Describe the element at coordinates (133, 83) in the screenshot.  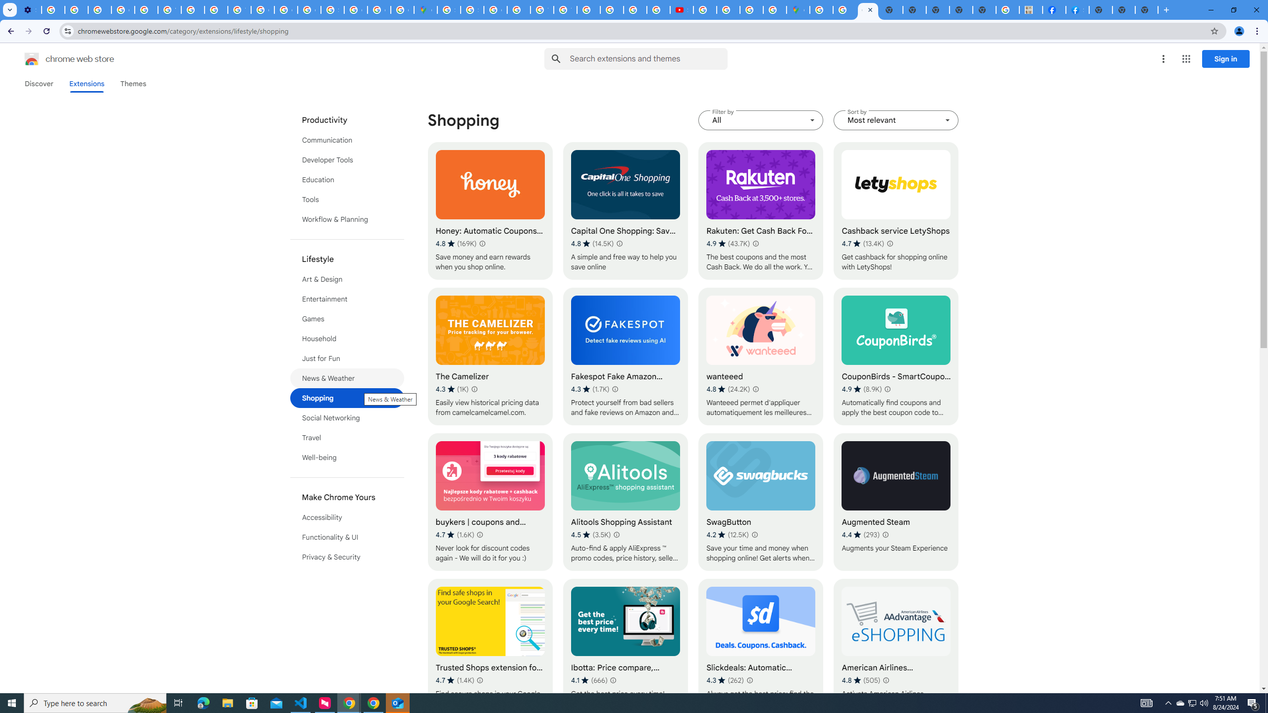
I see `'Themes'` at that location.